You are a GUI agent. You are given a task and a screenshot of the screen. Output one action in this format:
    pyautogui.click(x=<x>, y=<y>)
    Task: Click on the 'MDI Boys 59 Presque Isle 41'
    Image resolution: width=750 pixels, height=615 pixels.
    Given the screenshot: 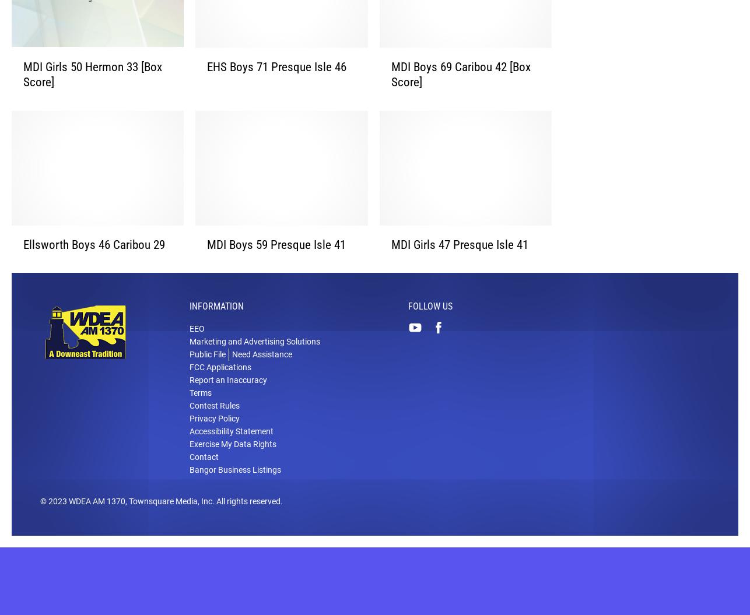 What is the action you would take?
    pyautogui.click(x=276, y=262)
    